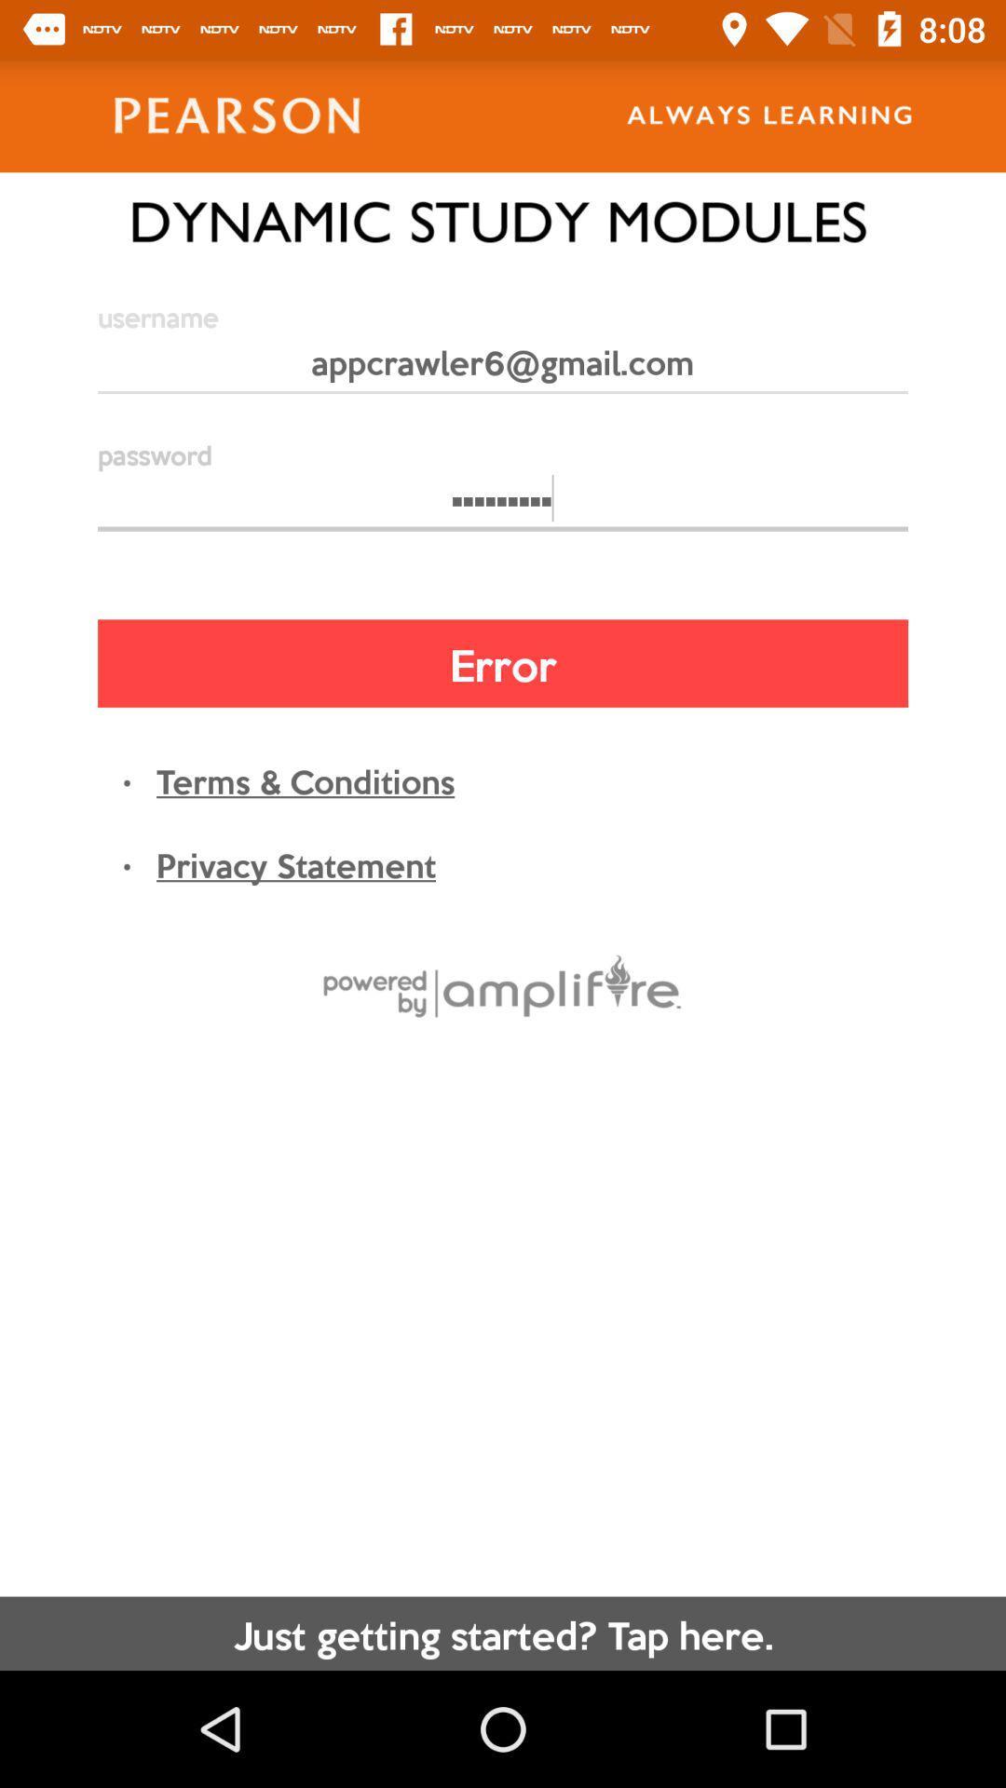  Describe the element at coordinates (294, 862) in the screenshot. I see `item below terms & conditions icon` at that location.